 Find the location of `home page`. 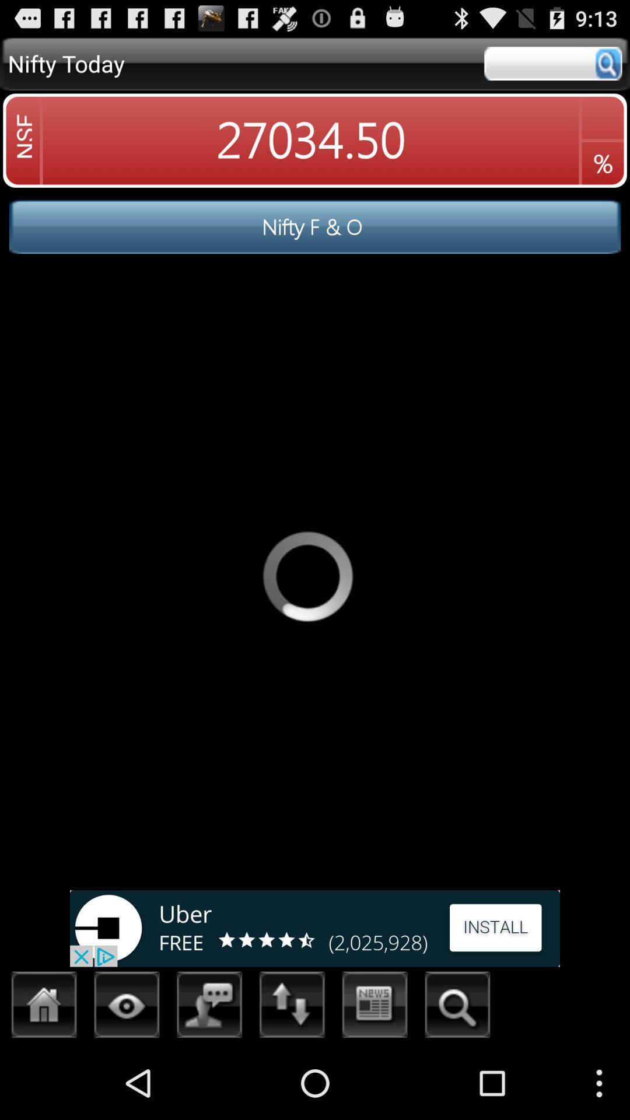

home page is located at coordinates (44, 1007).